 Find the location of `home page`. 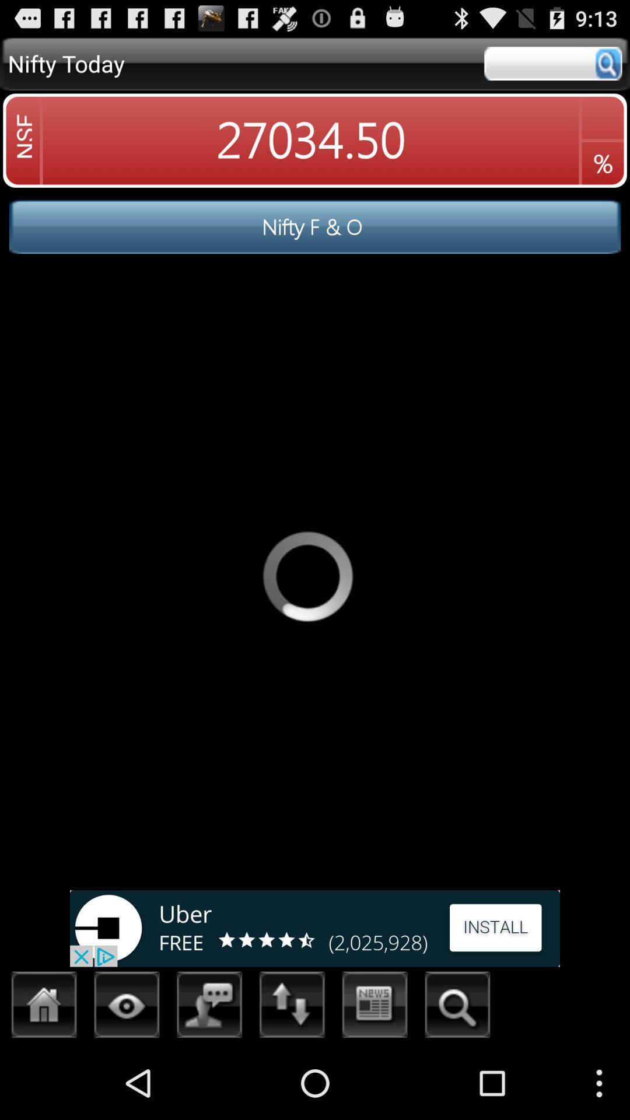

home page is located at coordinates (44, 1007).